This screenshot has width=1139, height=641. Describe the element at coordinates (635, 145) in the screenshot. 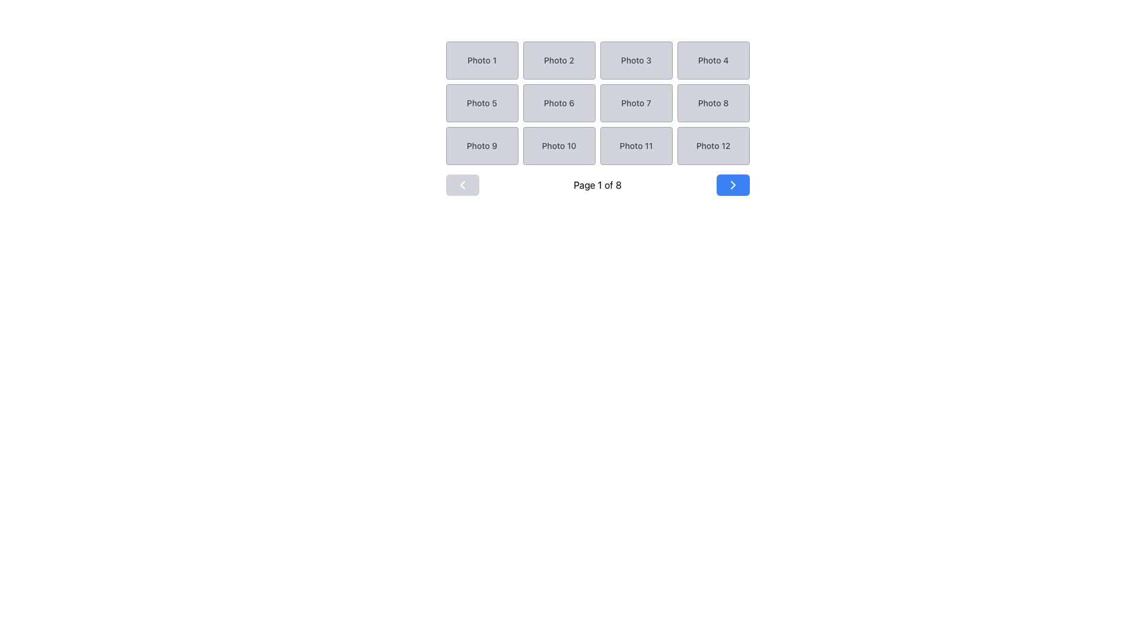

I see `the rectangular button with a light gray background and dark gray border labeled 'Photo 11'` at that location.